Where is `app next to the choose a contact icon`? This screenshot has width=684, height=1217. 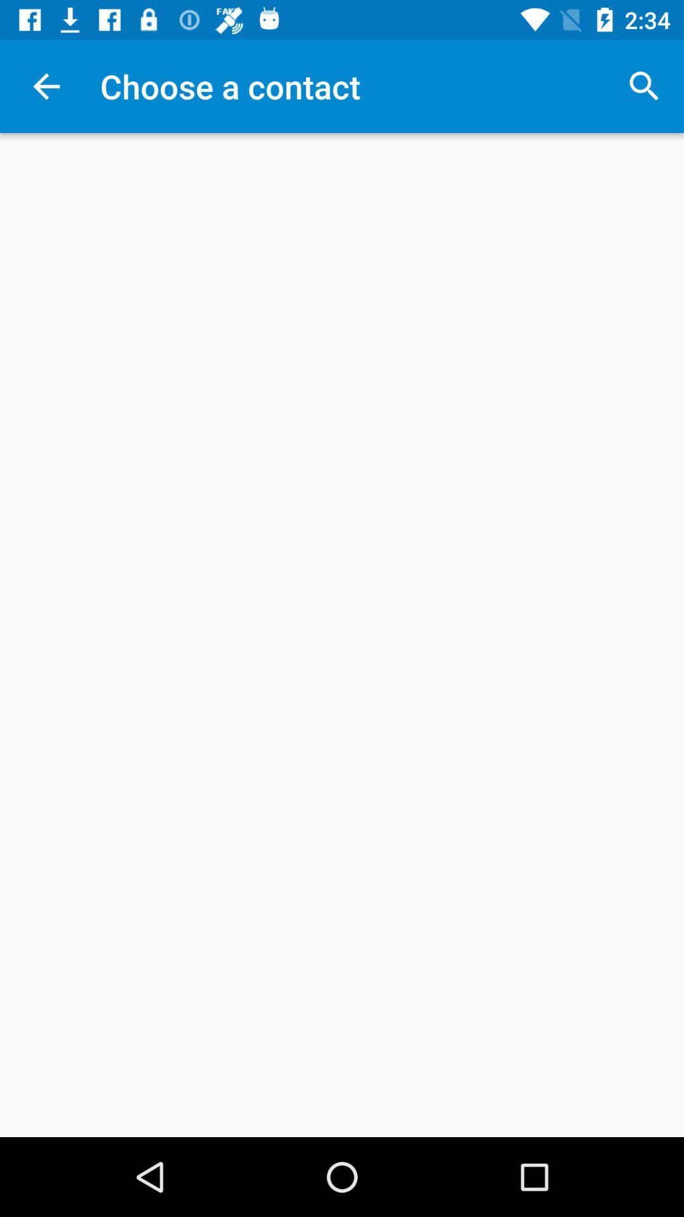
app next to the choose a contact icon is located at coordinates (644, 86).